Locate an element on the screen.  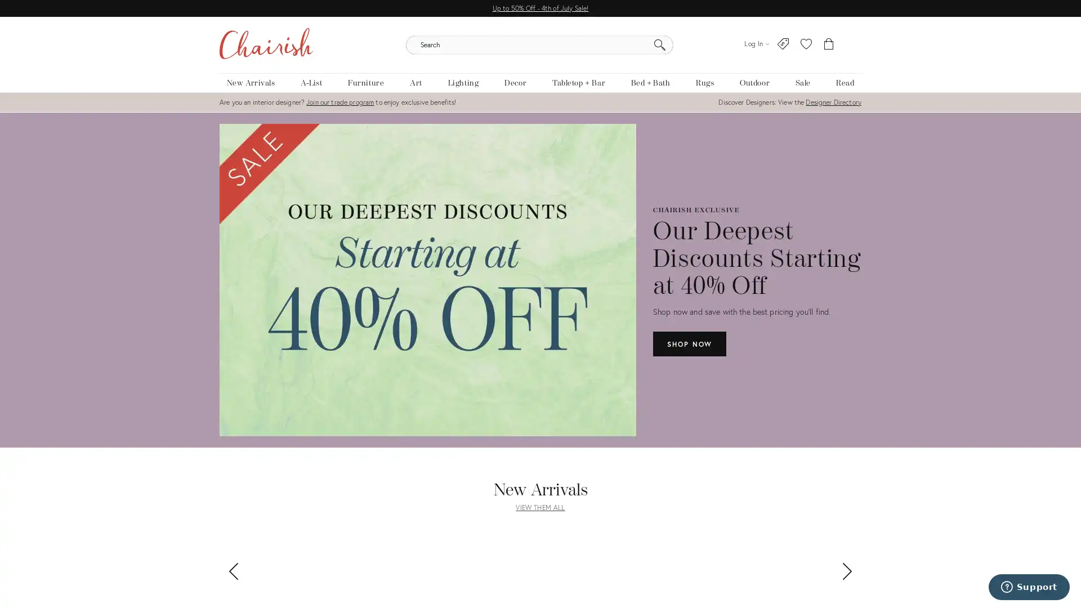
Support is located at coordinates (1029, 586).